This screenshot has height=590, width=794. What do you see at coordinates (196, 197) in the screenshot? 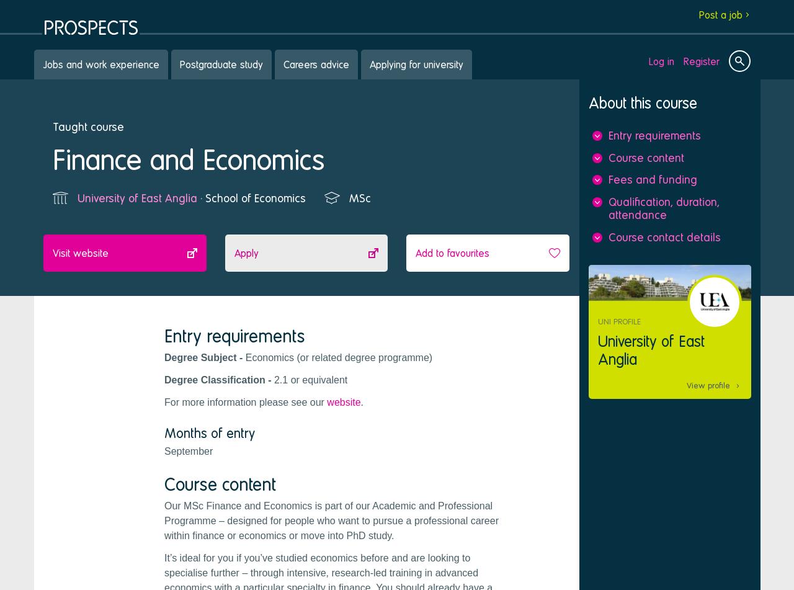
I see `'· School of Economics'` at bounding box center [196, 197].